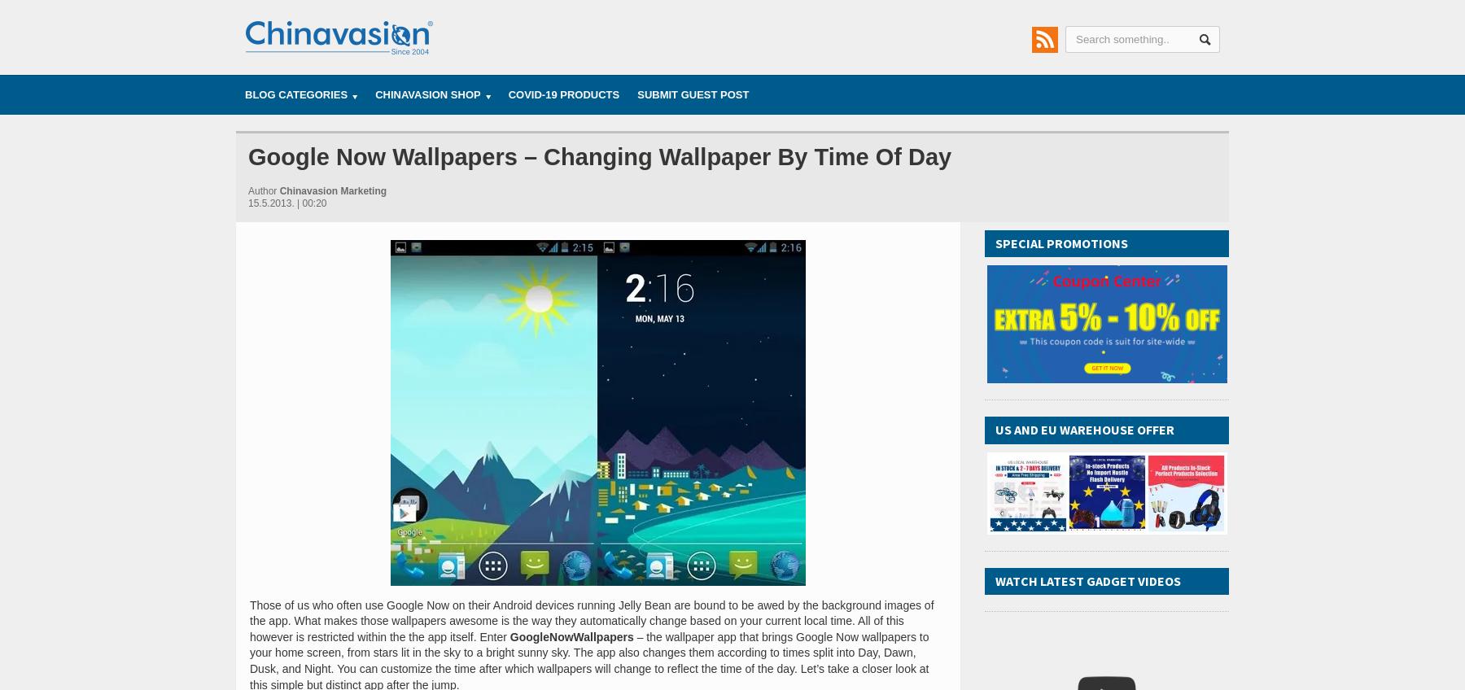 This screenshot has width=1465, height=690. What do you see at coordinates (279, 189) in the screenshot?
I see `'Chinavasion Marketing'` at bounding box center [279, 189].